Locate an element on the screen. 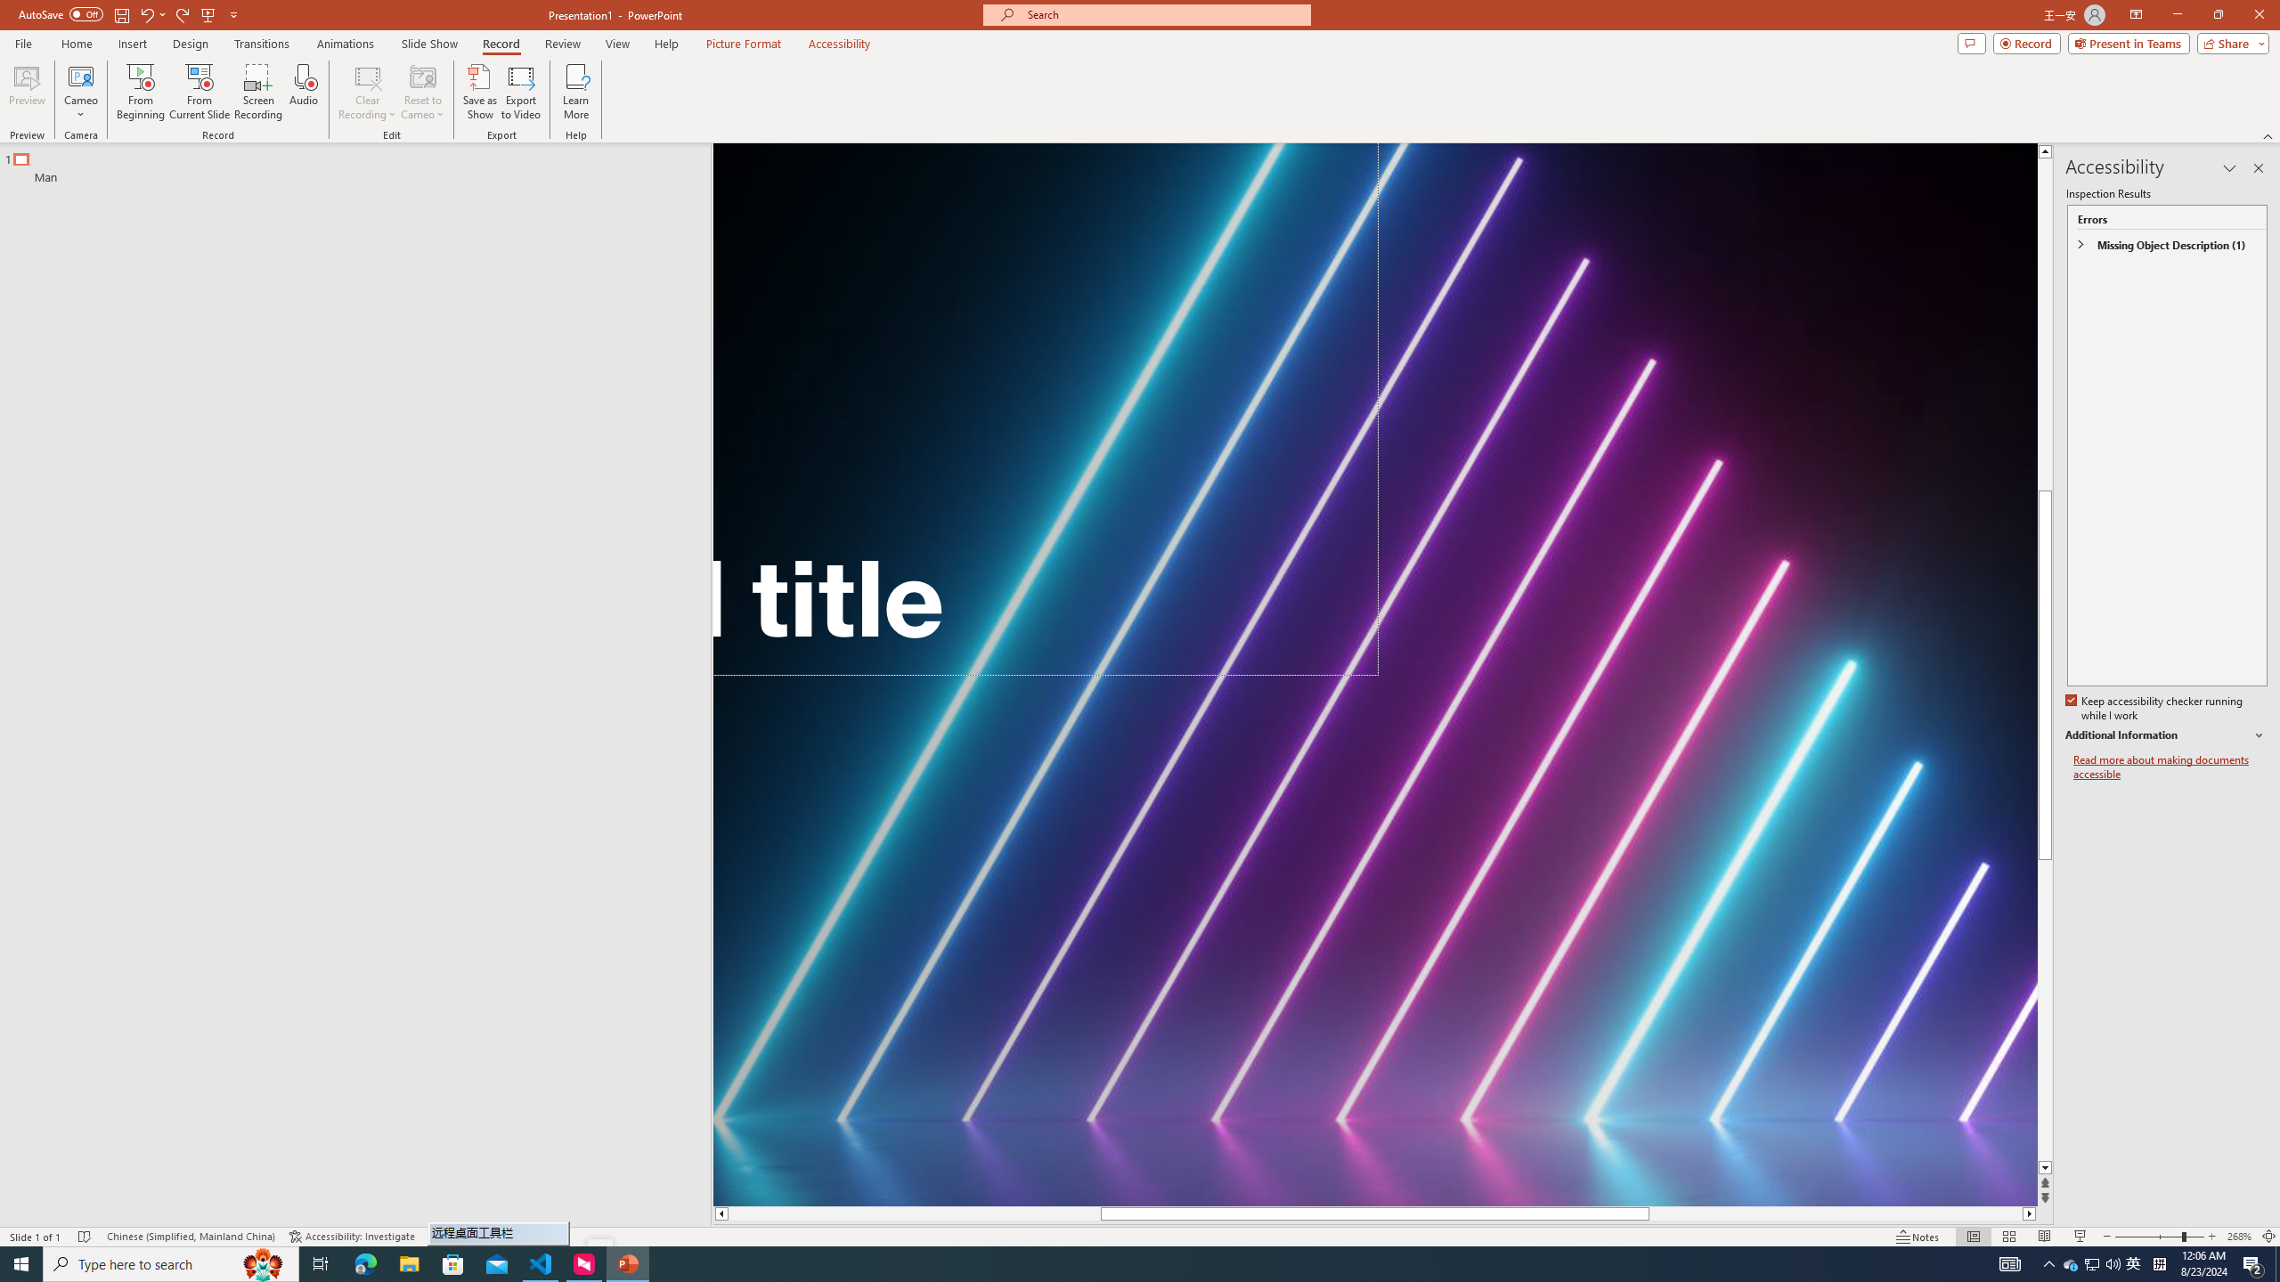 The height and width of the screenshot is (1282, 2280). 'From Current Slide...' is located at coordinates (199, 92).